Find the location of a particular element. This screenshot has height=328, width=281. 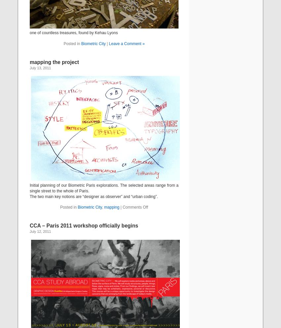

'July 13, 2011' is located at coordinates (29, 68).